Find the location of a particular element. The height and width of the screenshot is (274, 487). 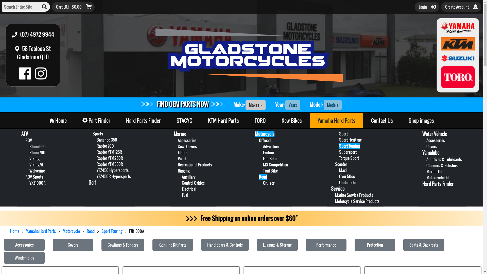

'Makes' is located at coordinates (246, 105).